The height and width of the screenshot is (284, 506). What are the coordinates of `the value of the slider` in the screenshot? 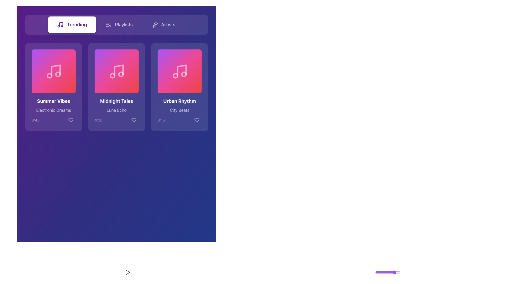 It's located at (383, 272).